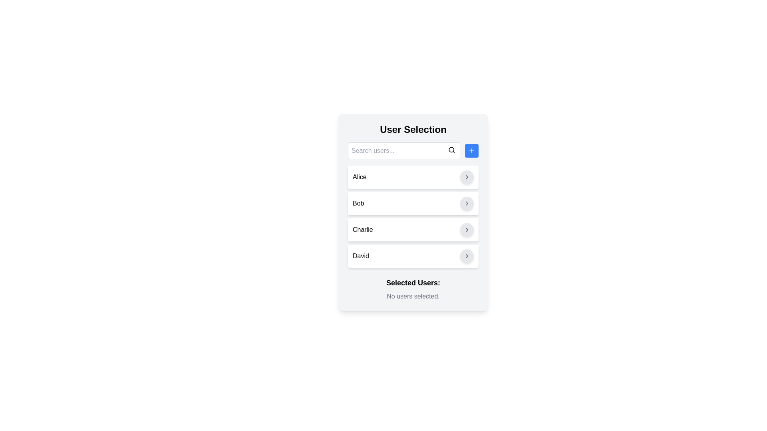 The width and height of the screenshot is (767, 431). I want to click on the action button located to the right of the list item containing the text 'David', so click(467, 256).